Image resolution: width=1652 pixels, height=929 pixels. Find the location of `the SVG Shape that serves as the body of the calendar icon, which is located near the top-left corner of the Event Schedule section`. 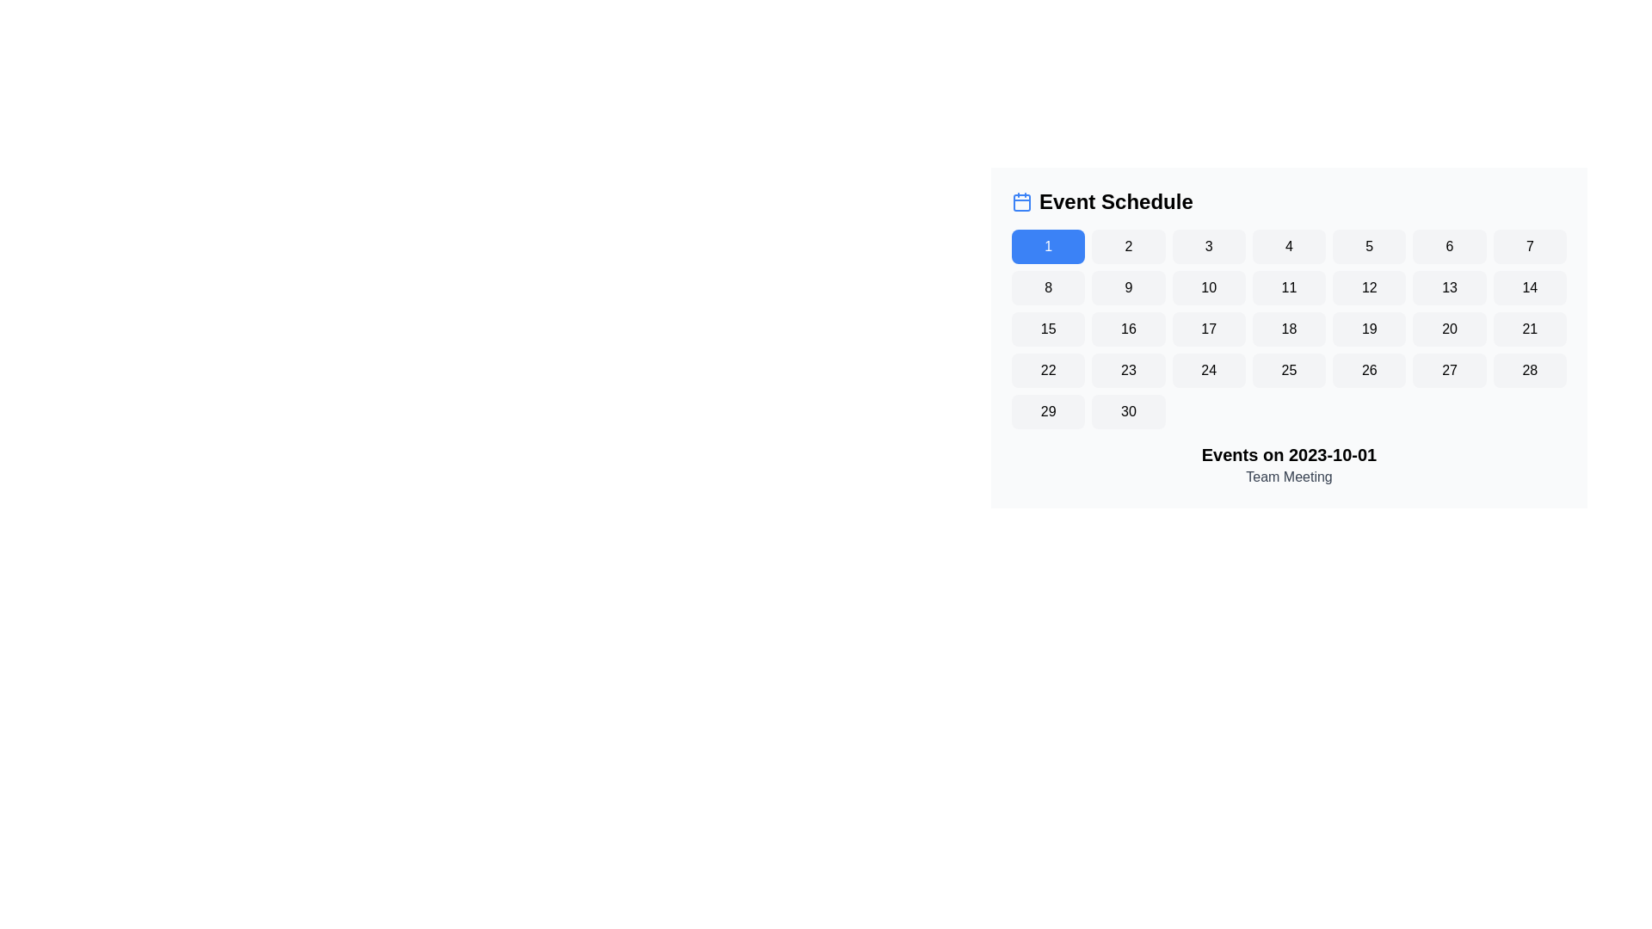

the SVG Shape that serves as the body of the calendar icon, which is located near the top-left corner of the Event Schedule section is located at coordinates (1022, 201).